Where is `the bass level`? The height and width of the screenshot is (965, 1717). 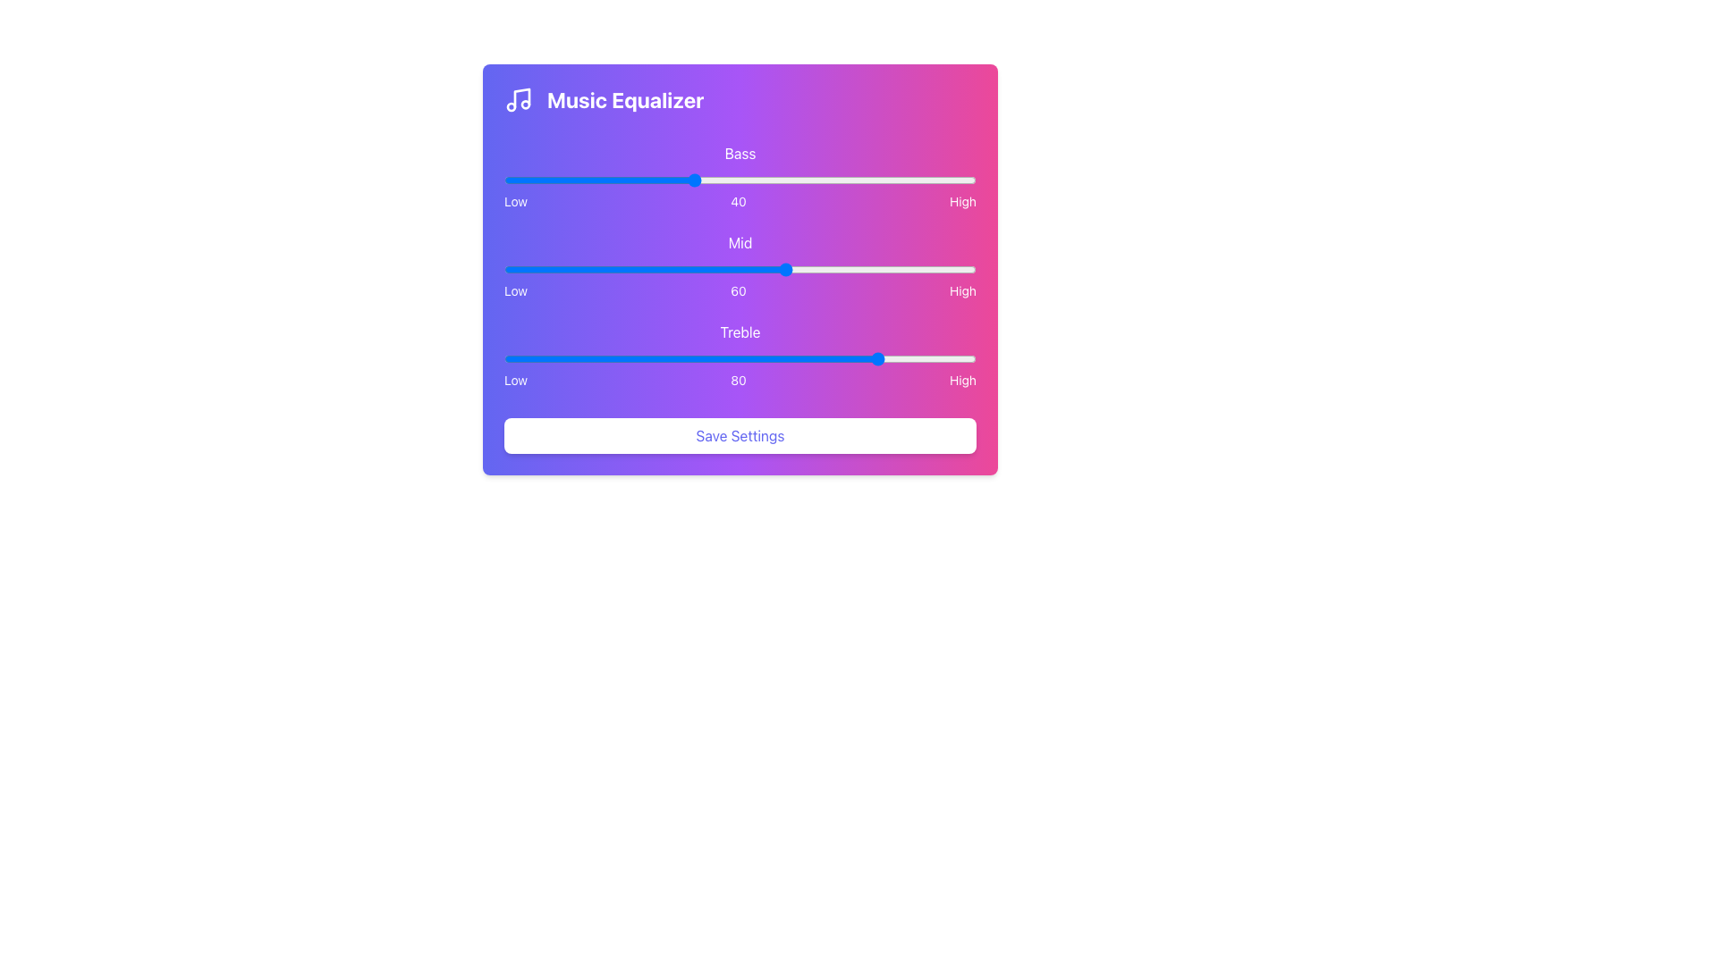 the bass level is located at coordinates (896, 180).